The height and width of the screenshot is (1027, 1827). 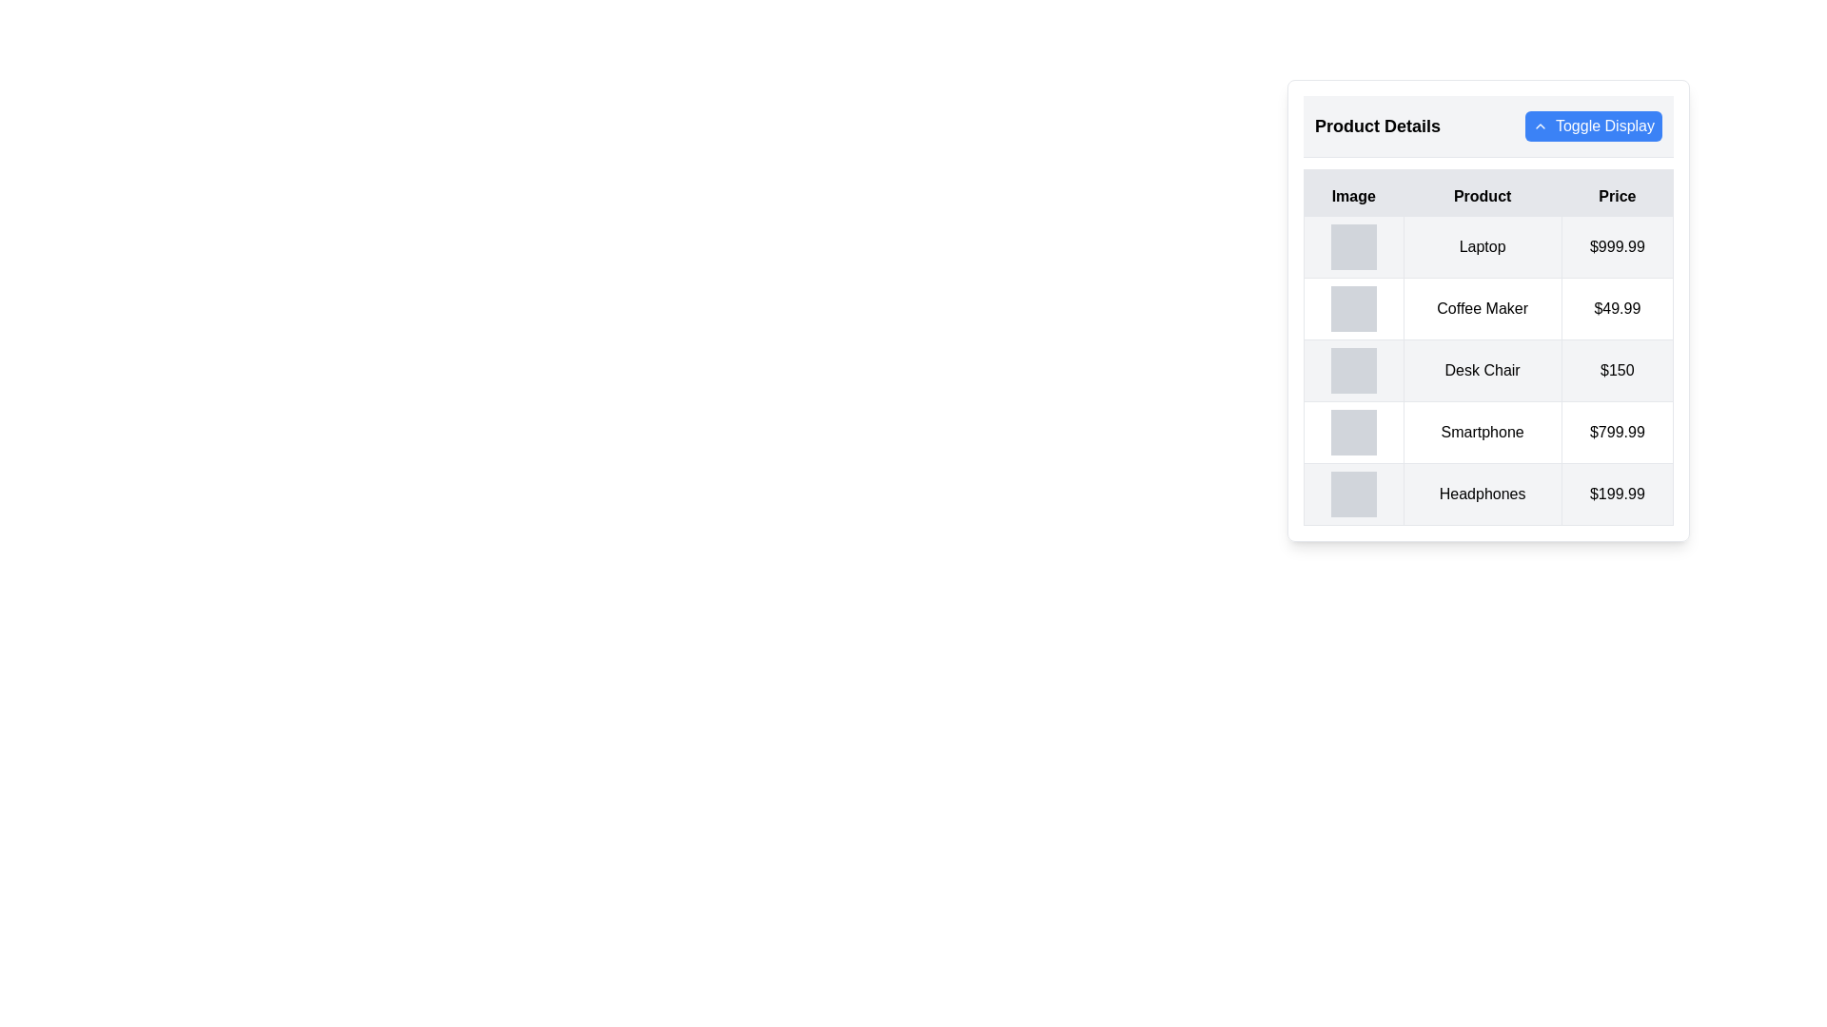 What do you see at coordinates (1487, 370) in the screenshot?
I see `the third row of the product table displaying the details for 'Desk Chair' priced at '$150'` at bounding box center [1487, 370].